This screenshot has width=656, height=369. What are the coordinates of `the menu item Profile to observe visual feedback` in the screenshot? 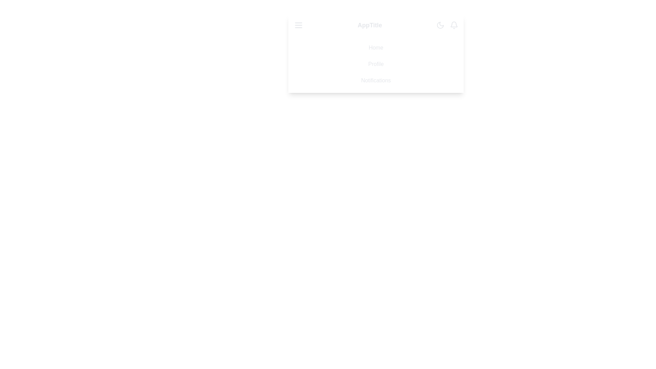 It's located at (375, 64).